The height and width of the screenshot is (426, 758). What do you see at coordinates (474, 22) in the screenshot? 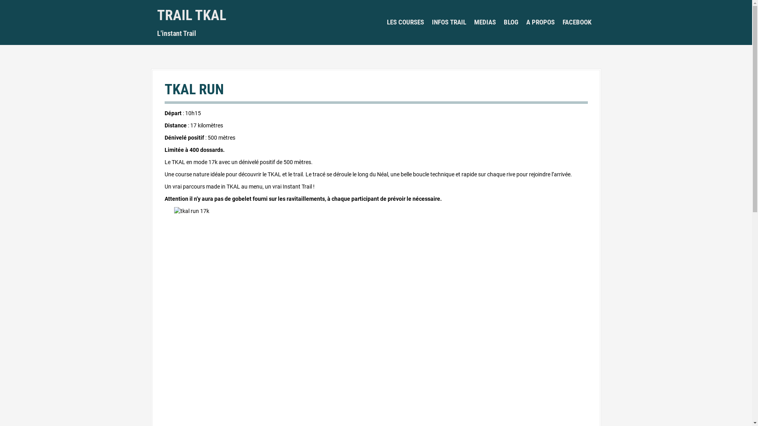
I see `'MEDIAS'` at bounding box center [474, 22].